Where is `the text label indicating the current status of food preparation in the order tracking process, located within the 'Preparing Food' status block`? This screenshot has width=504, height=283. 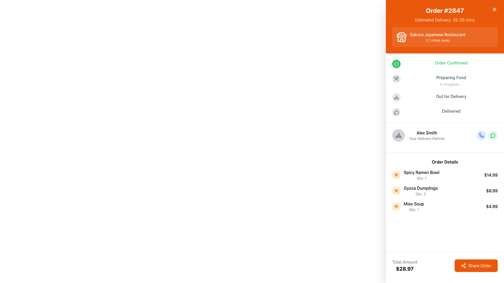 the text label indicating the current status of food preparation in the order tracking process, located within the 'Preparing Food' status block is located at coordinates (451, 78).